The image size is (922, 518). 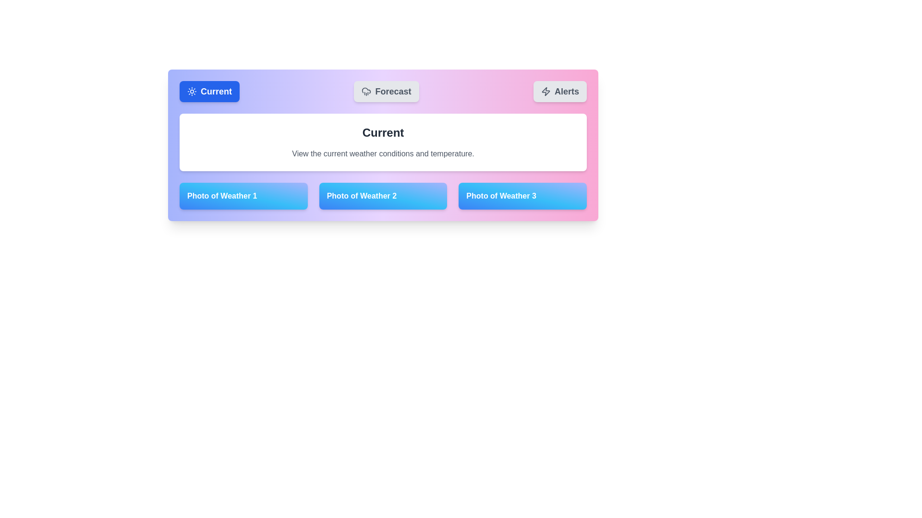 What do you see at coordinates (382, 195) in the screenshot?
I see `the 'Weather 2' informative button located in the second position of a horizontal row of three buttons below the 'View the current weather conditions and temperature' section` at bounding box center [382, 195].